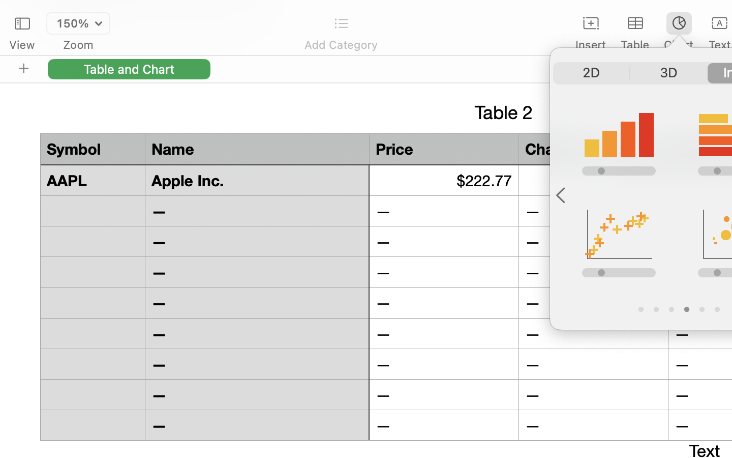 The image size is (732, 458). What do you see at coordinates (21, 44) in the screenshot?
I see `'View'` at bounding box center [21, 44].